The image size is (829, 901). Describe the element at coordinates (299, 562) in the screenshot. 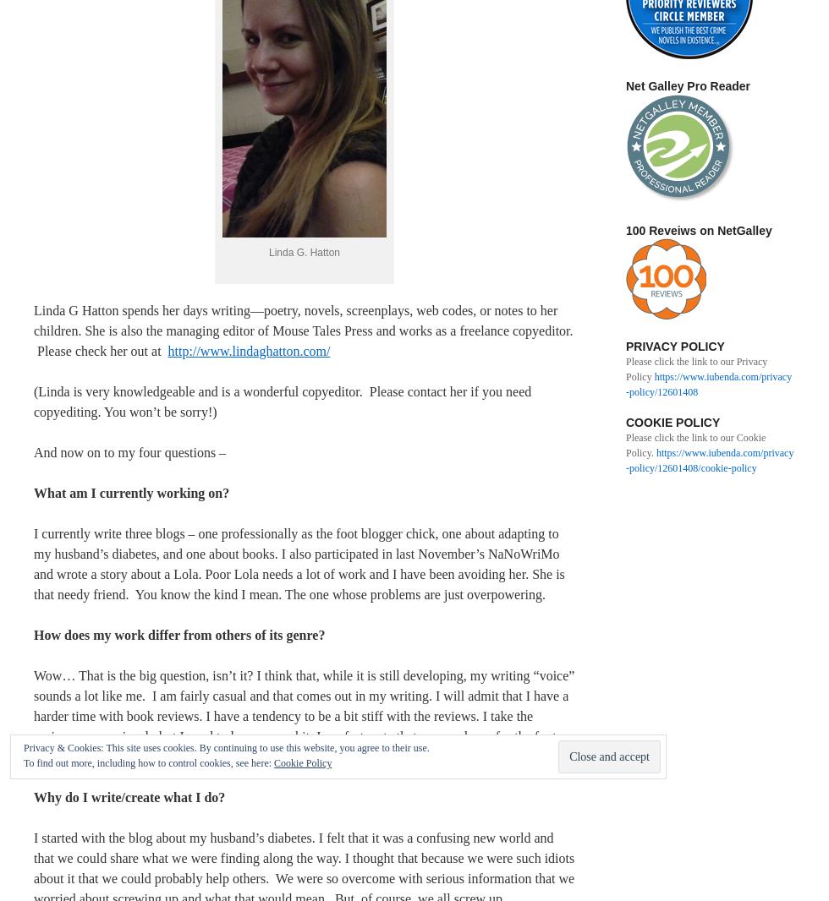

I see `'I currently write three blogs – one professionally as the foot blogger chick, one about adapting to my husband’s diabetes, and one about books. I also participated in last November’s NaNoWriMo and wrote a story about a Lola. Poor Lola needs a lot of work and I have been avoiding her. She is that needy friend.  You know the kind I mean. The one whose problems are just overpowering.'` at that location.